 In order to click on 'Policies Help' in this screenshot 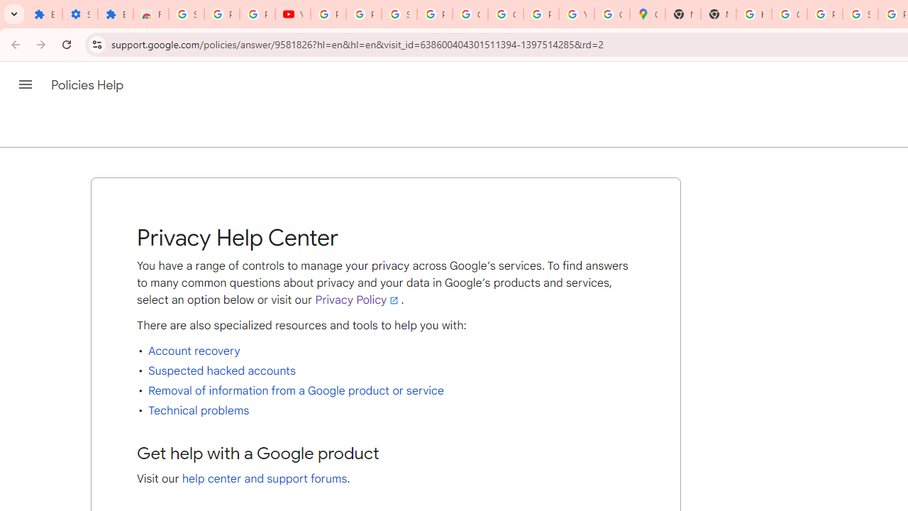, I will do `click(87, 84)`.